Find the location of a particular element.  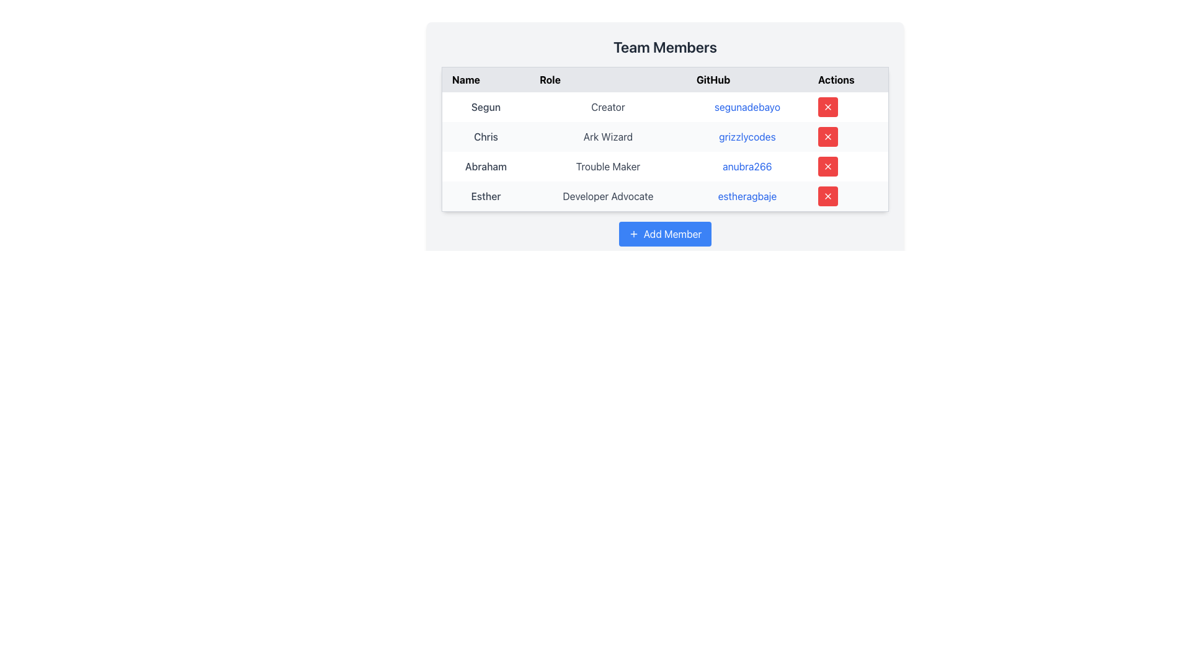

the text label reading 'Segun' in the first column of the first row in the 'Team Members' section of the table is located at coordinates (485, 107).